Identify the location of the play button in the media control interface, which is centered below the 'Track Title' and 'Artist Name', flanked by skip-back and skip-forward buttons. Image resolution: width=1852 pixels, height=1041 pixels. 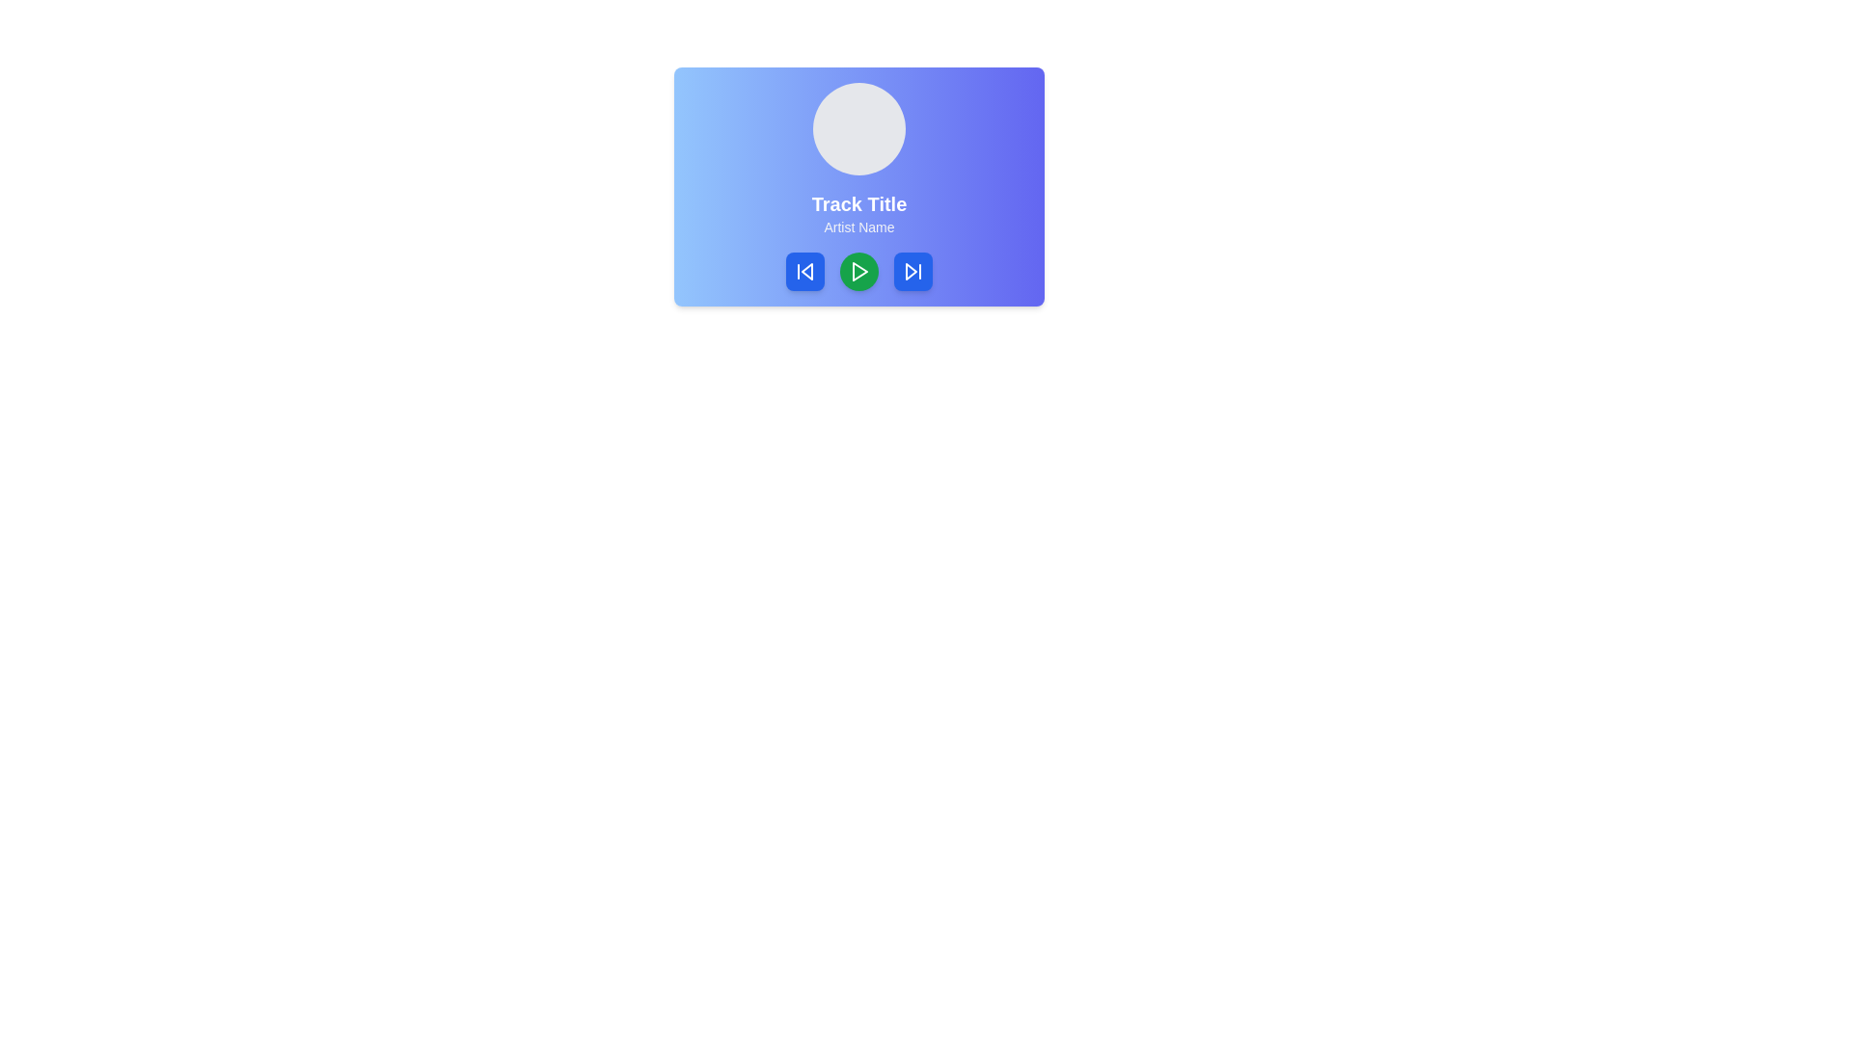
(858, 271).